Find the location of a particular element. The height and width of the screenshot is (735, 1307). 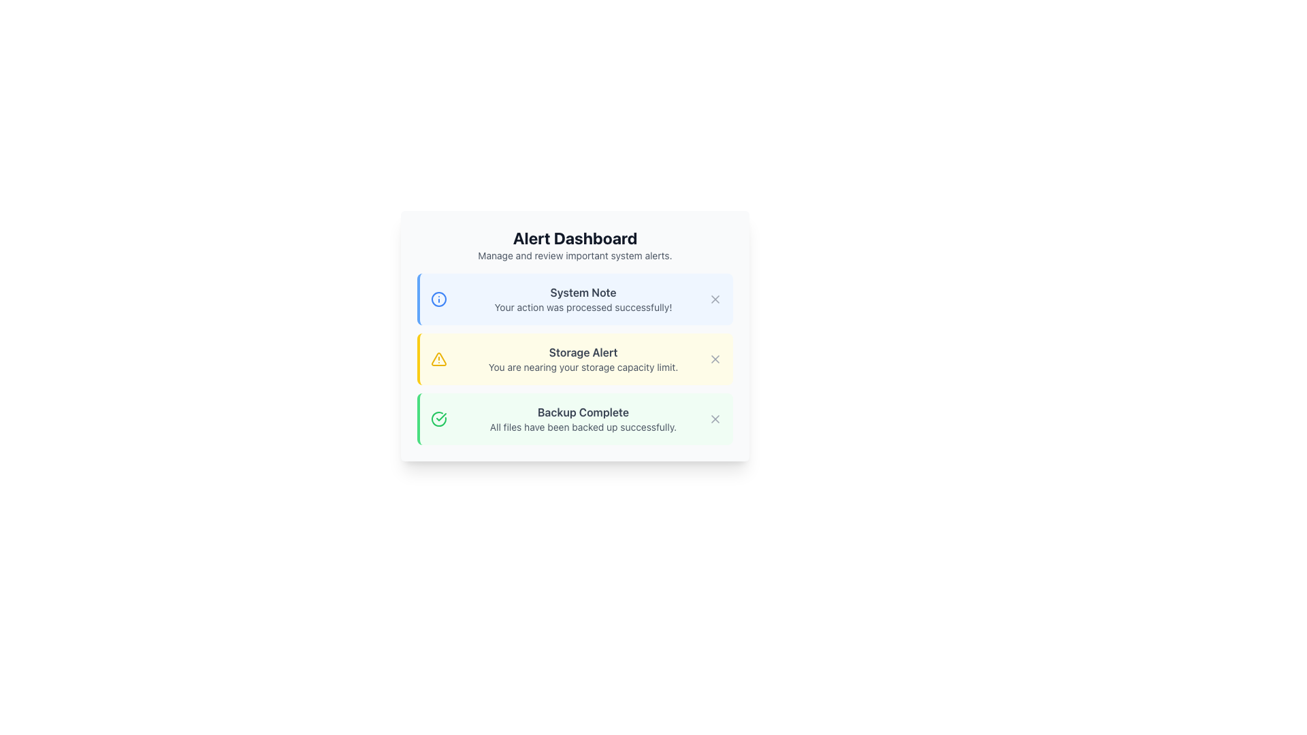

the circular SVG graphic with a blue border that is part of the 'System Note' icon, indicating its functionality is located at coordinates (438, 298).